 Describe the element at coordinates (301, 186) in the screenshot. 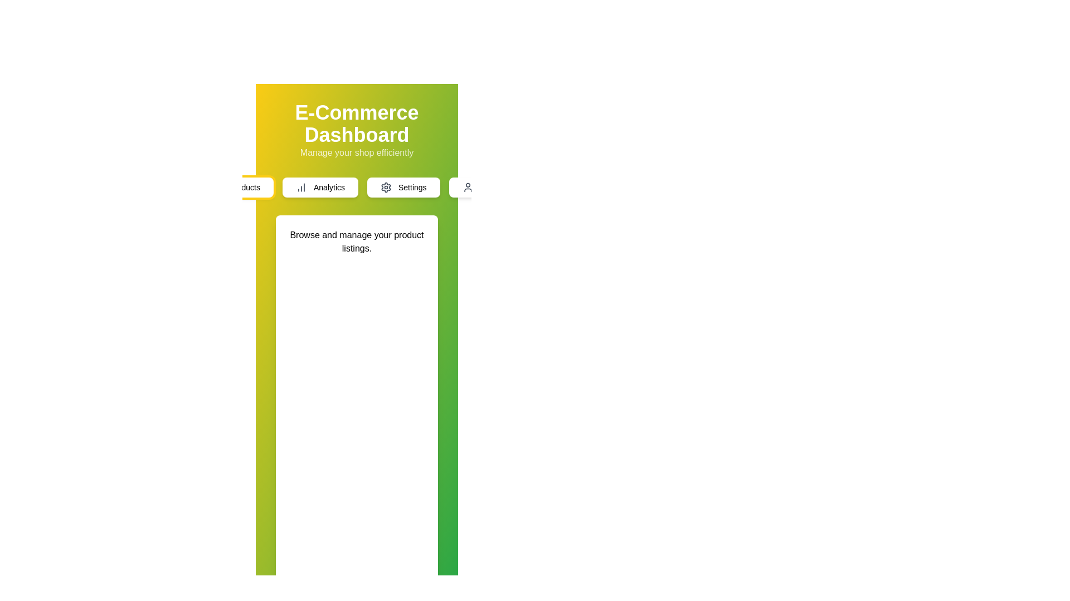

I see `the 'Analytics' icon located in the top navigation bar of the 'E-Commerce Dashboard', positioned between the 'Products' and 'Settings' buttons` at that location.